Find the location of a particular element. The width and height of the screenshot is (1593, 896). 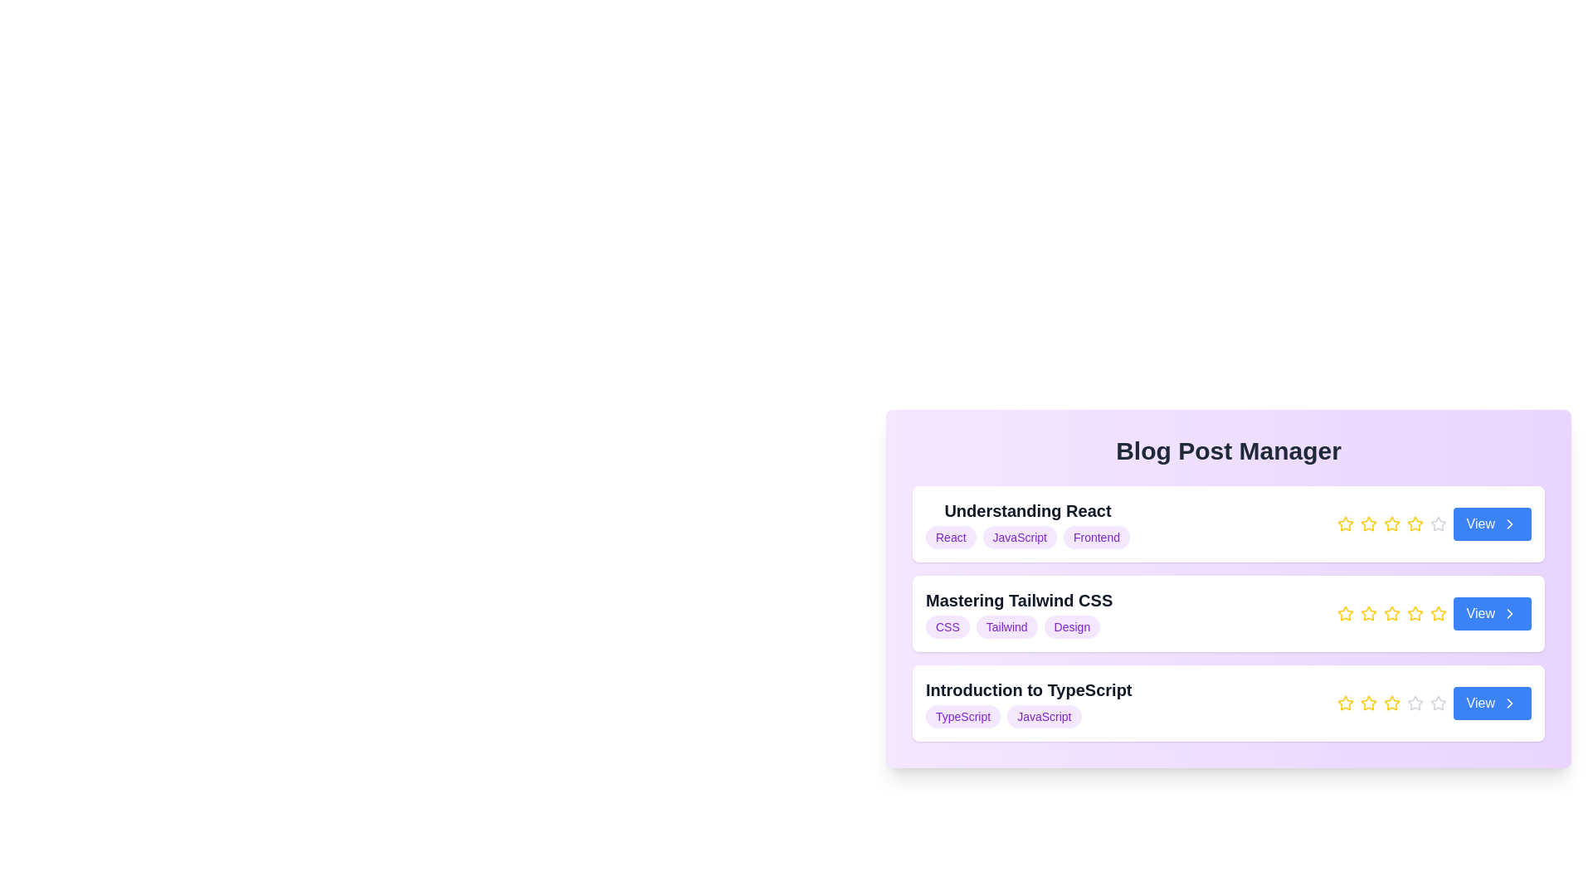

the second star is located at coordinates (1368, 613).